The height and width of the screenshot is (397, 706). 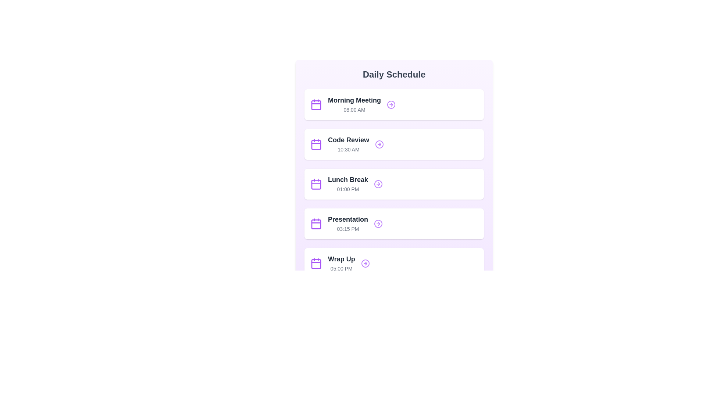 I want to click on the calendar icon with a purple outline located on the left side of the 'Lunch Break' panel, which features a centered date symbol, so click(x=316, y=184).